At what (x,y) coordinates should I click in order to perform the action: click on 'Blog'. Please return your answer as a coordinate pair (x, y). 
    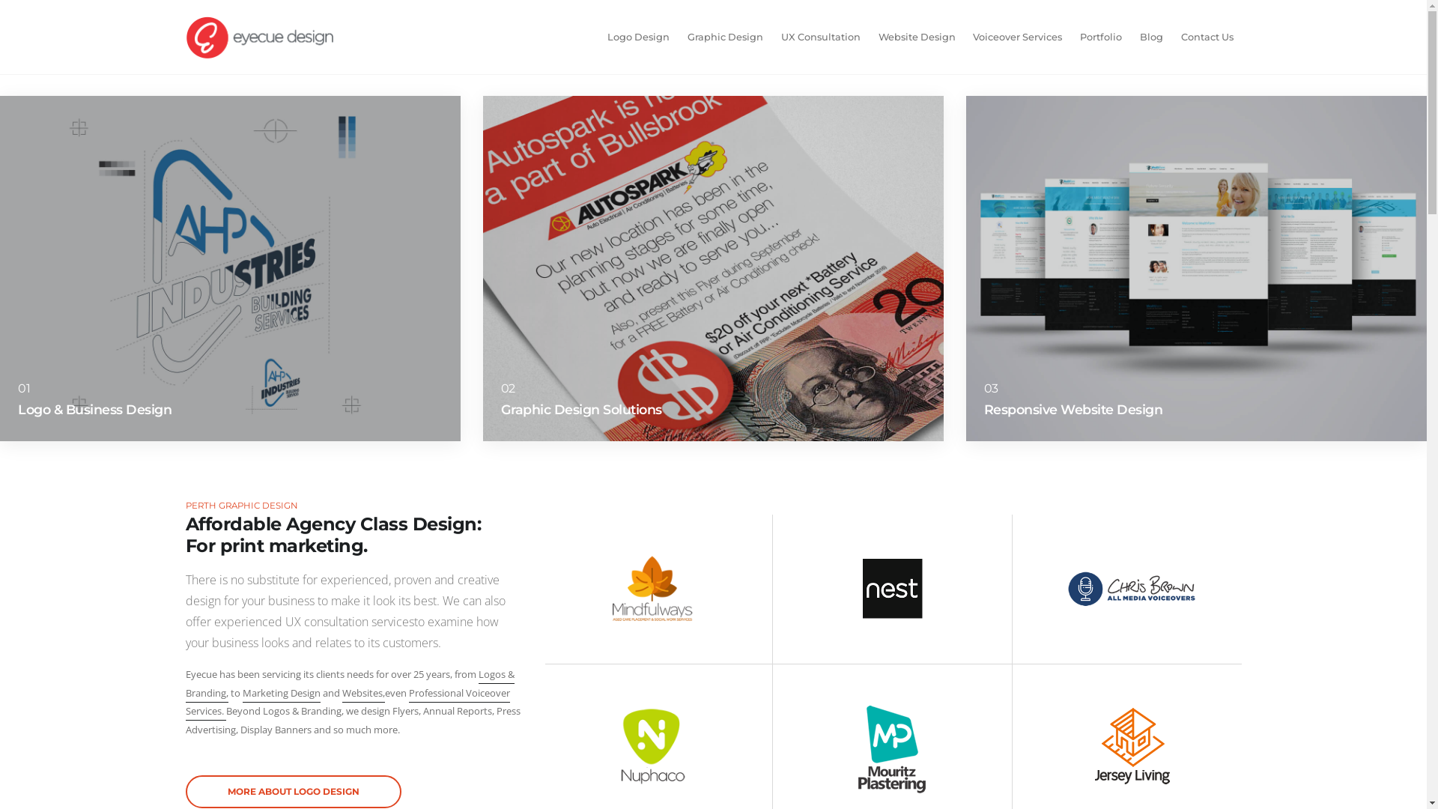
    Looking at the image, I should click on (1132, 37).